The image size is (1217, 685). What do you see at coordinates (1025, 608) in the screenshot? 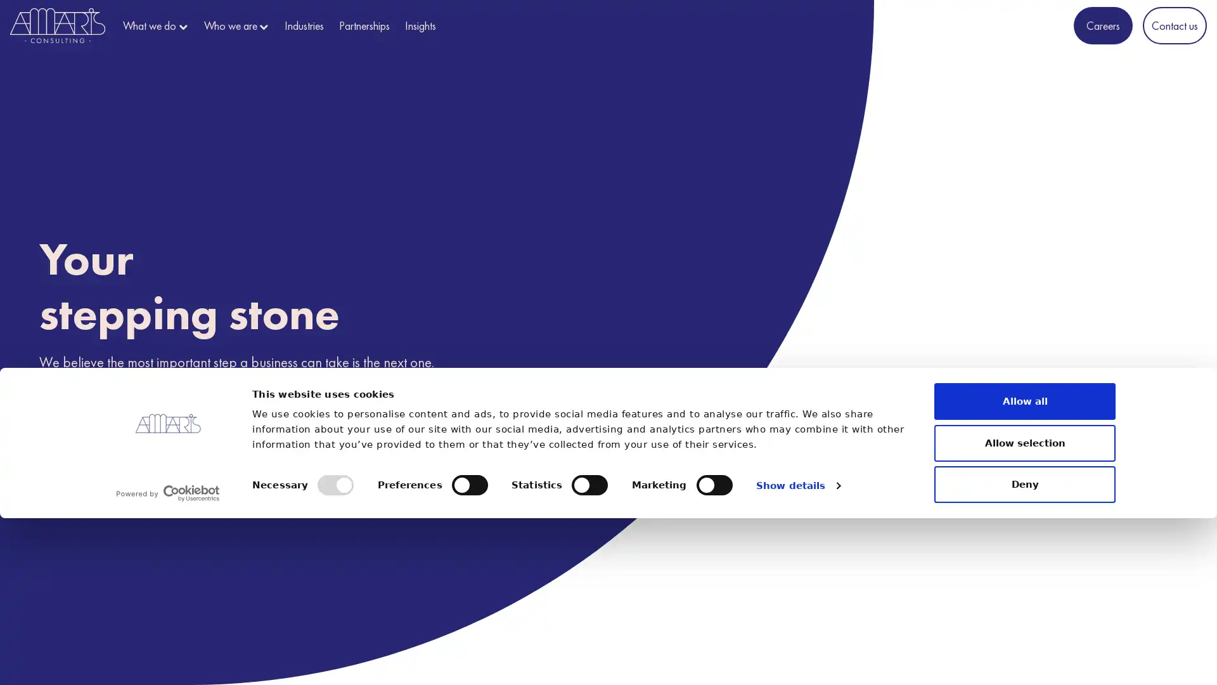
I see `Allow selection` at bounding box center [1025, 608].